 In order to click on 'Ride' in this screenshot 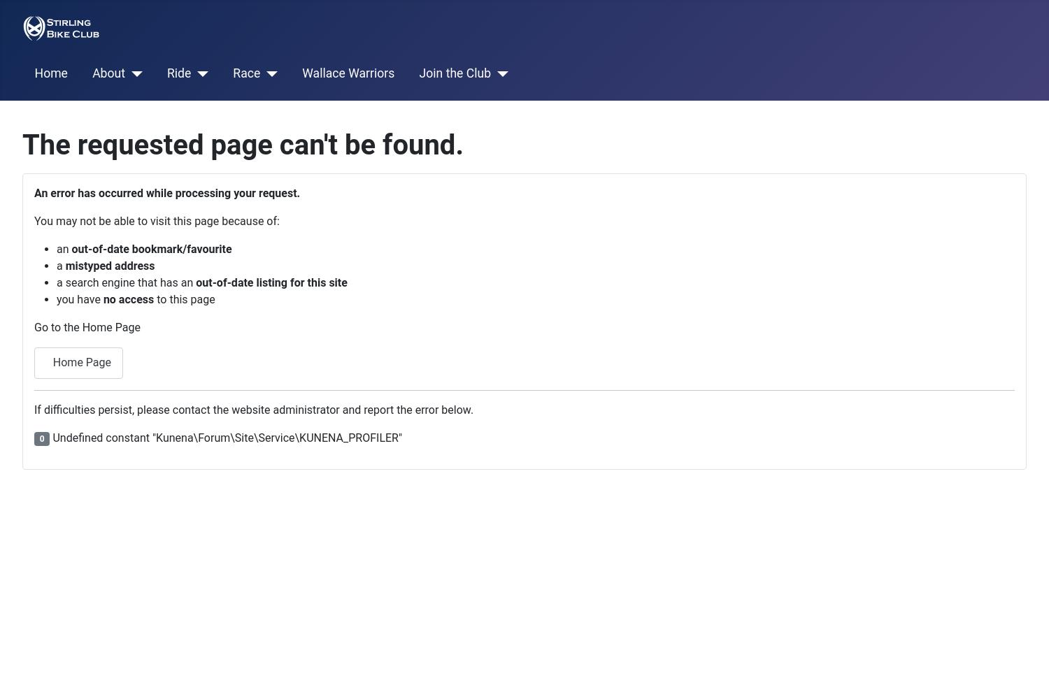, I will do `click(178, 73)`.